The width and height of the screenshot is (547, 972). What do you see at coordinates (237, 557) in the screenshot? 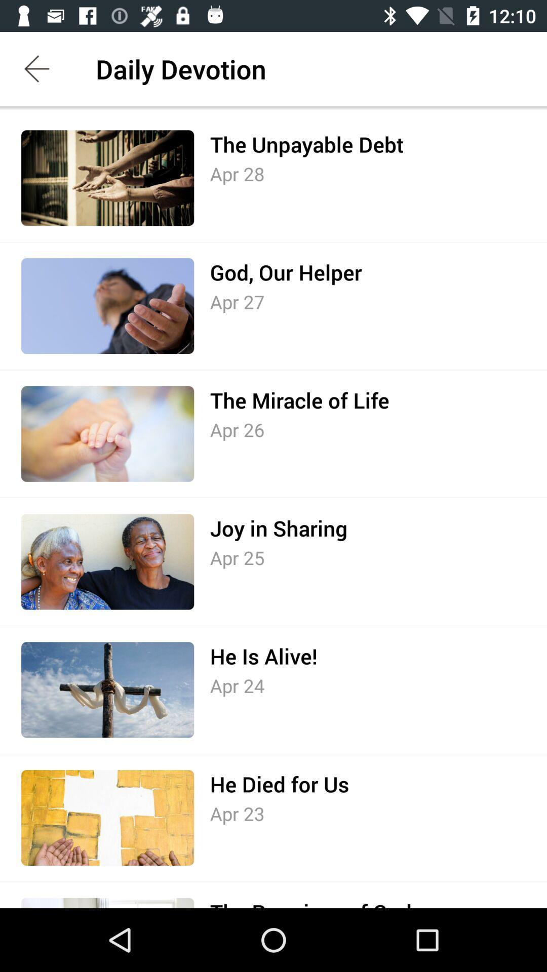
I see `apr 25 item` at bounding box center [237, 557].